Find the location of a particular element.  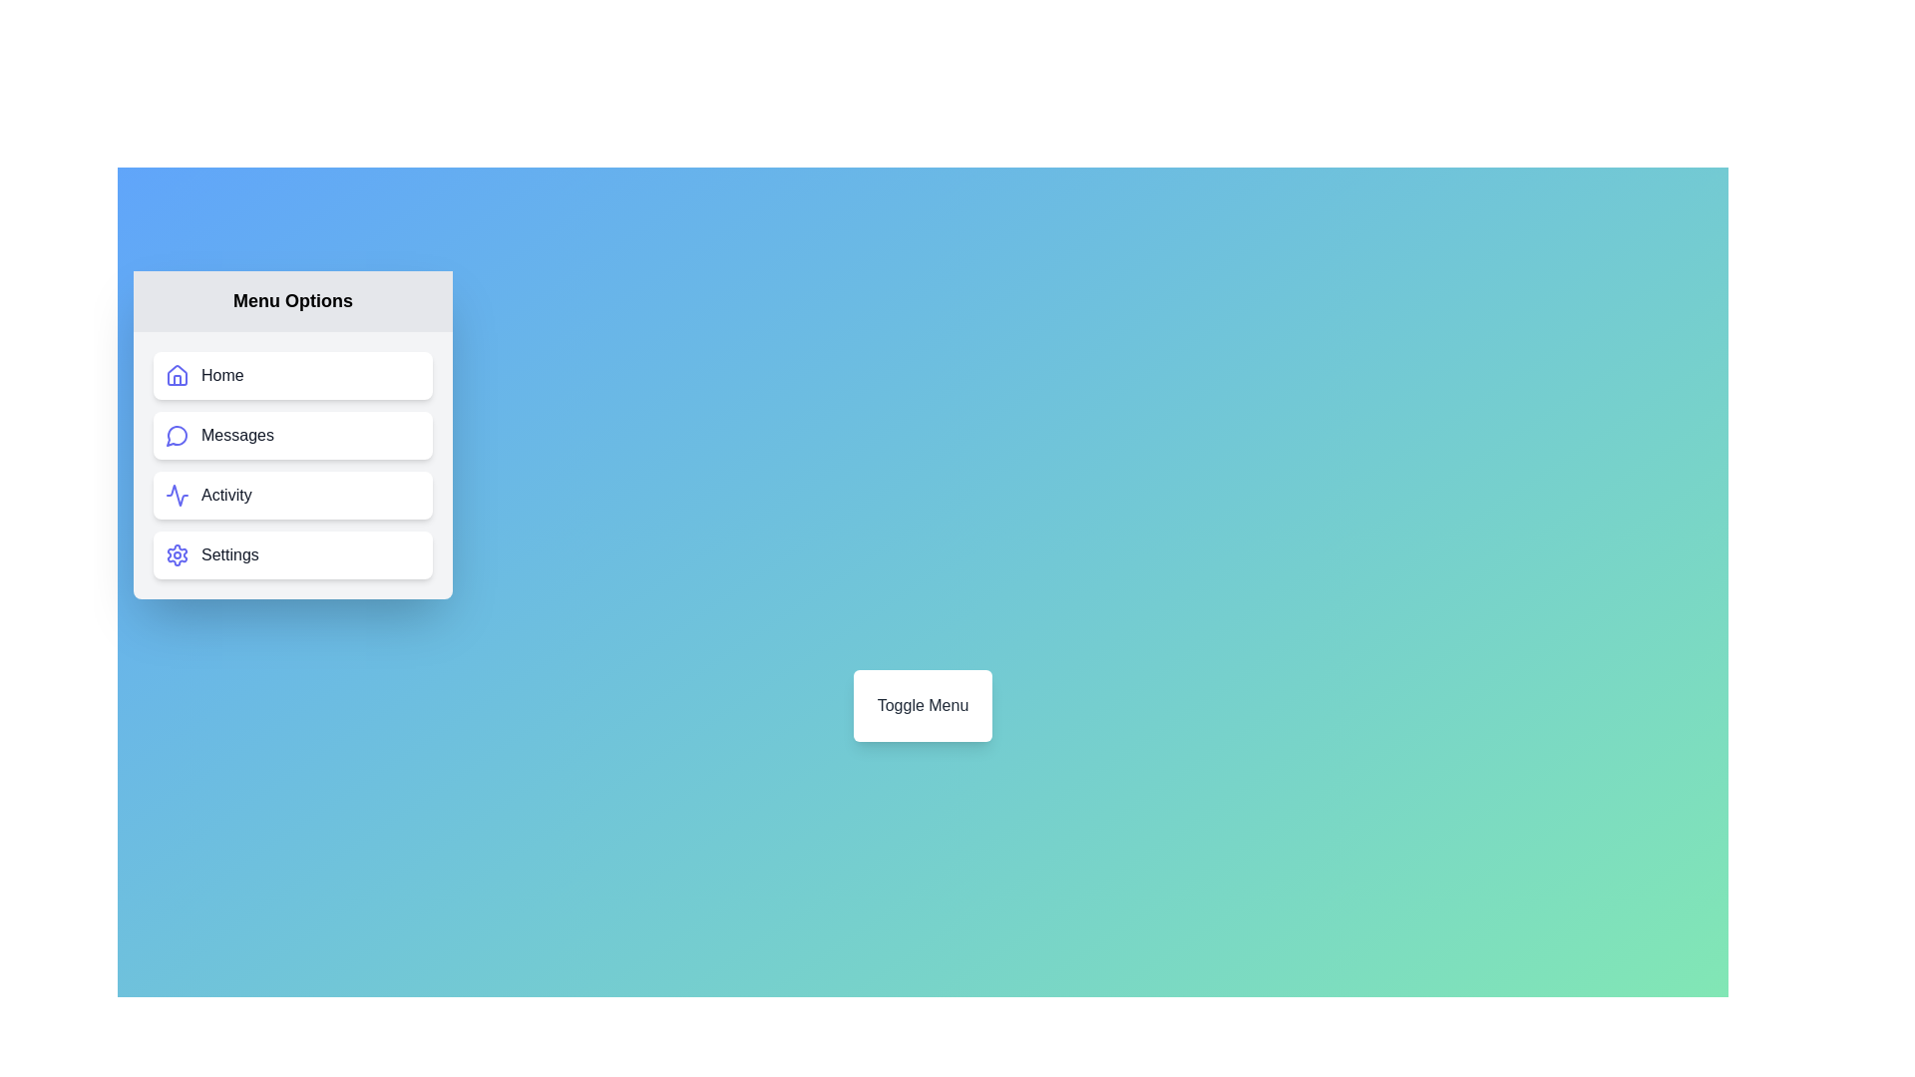

the Home menu item is located at coordinates (291, 376).